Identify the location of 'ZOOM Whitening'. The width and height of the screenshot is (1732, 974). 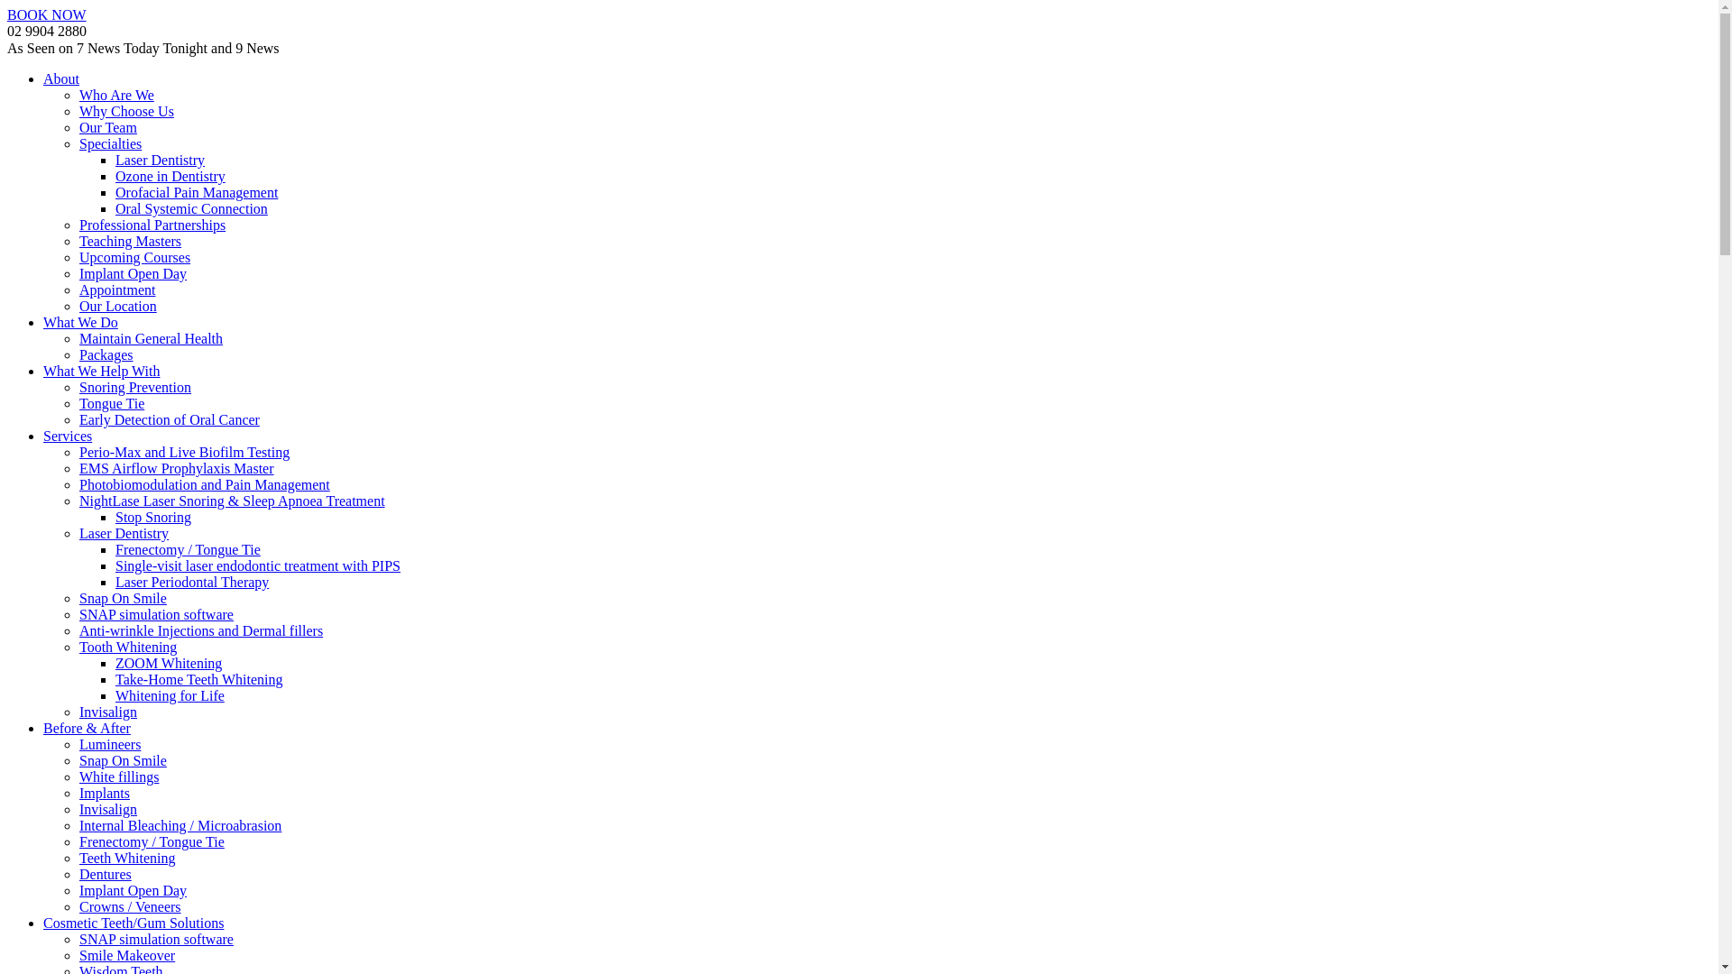
(169, 663).